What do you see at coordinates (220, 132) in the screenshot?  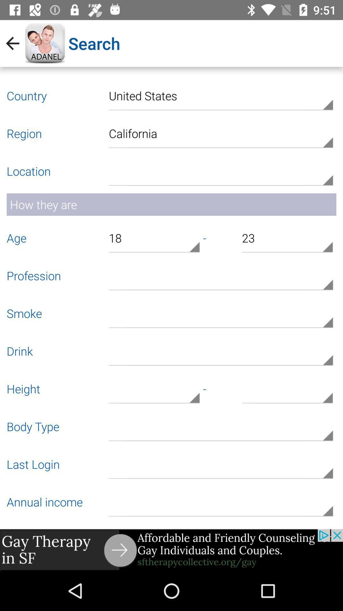 I see `the text beside the region` at bounding box center [220, 132].